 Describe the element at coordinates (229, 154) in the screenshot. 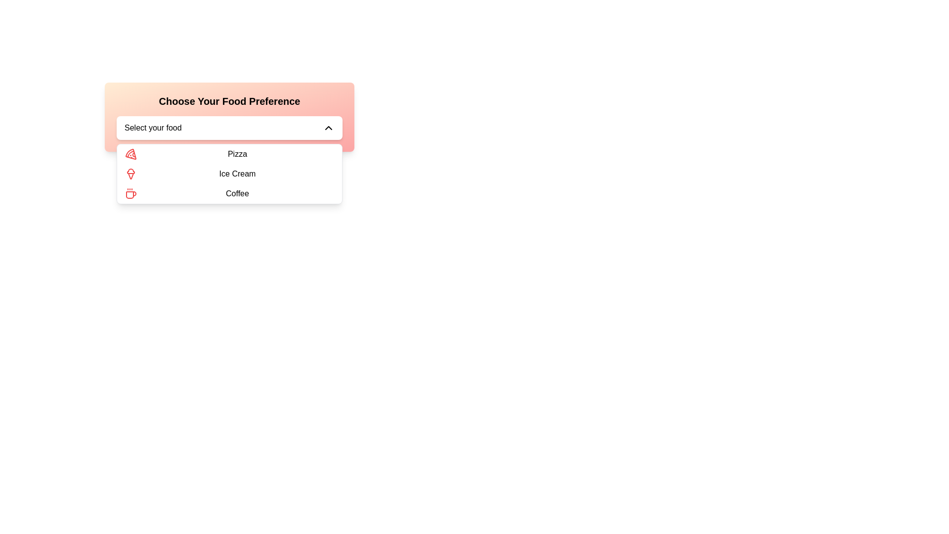

I see `to select the first menu item represented by a red pizza slice icon followed by the text 'Pizza' in a dropdown list under 'Choose Your Food Preference'` at that location.